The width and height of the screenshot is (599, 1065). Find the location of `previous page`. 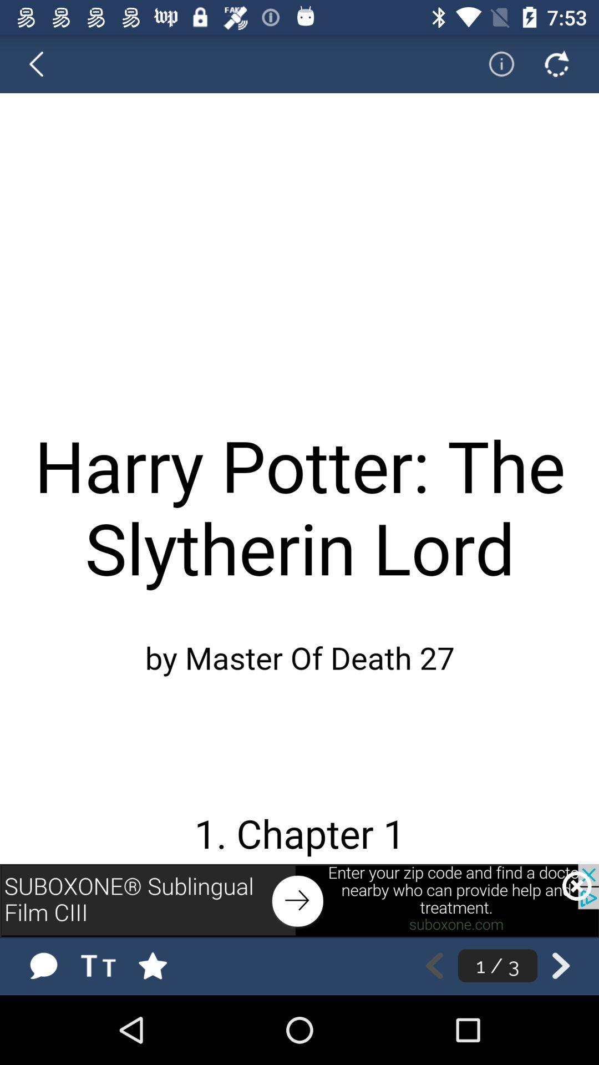

previous page is located at coordinates (43, 63).